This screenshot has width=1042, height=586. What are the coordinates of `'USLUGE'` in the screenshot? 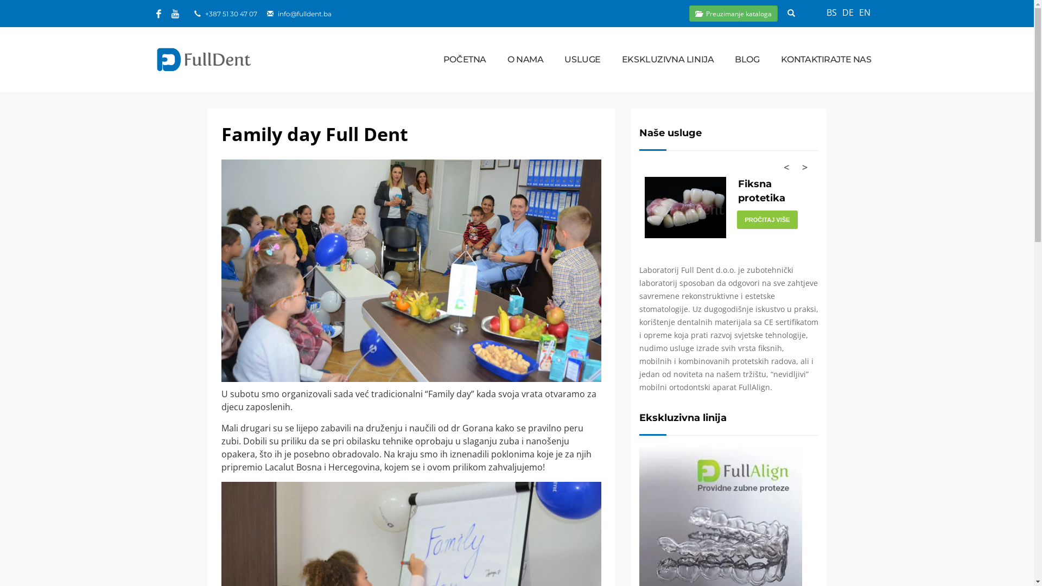 It's located at (582, 60).